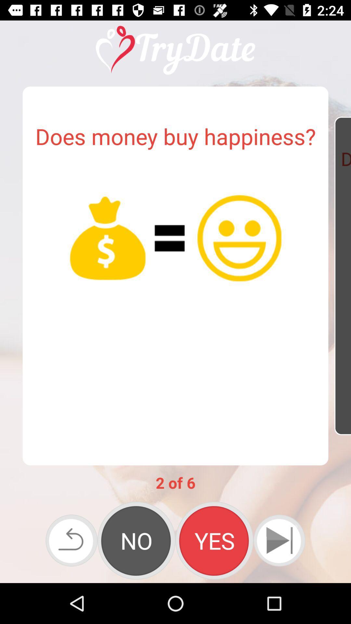  I want to click on the no option, so click(136, 540).